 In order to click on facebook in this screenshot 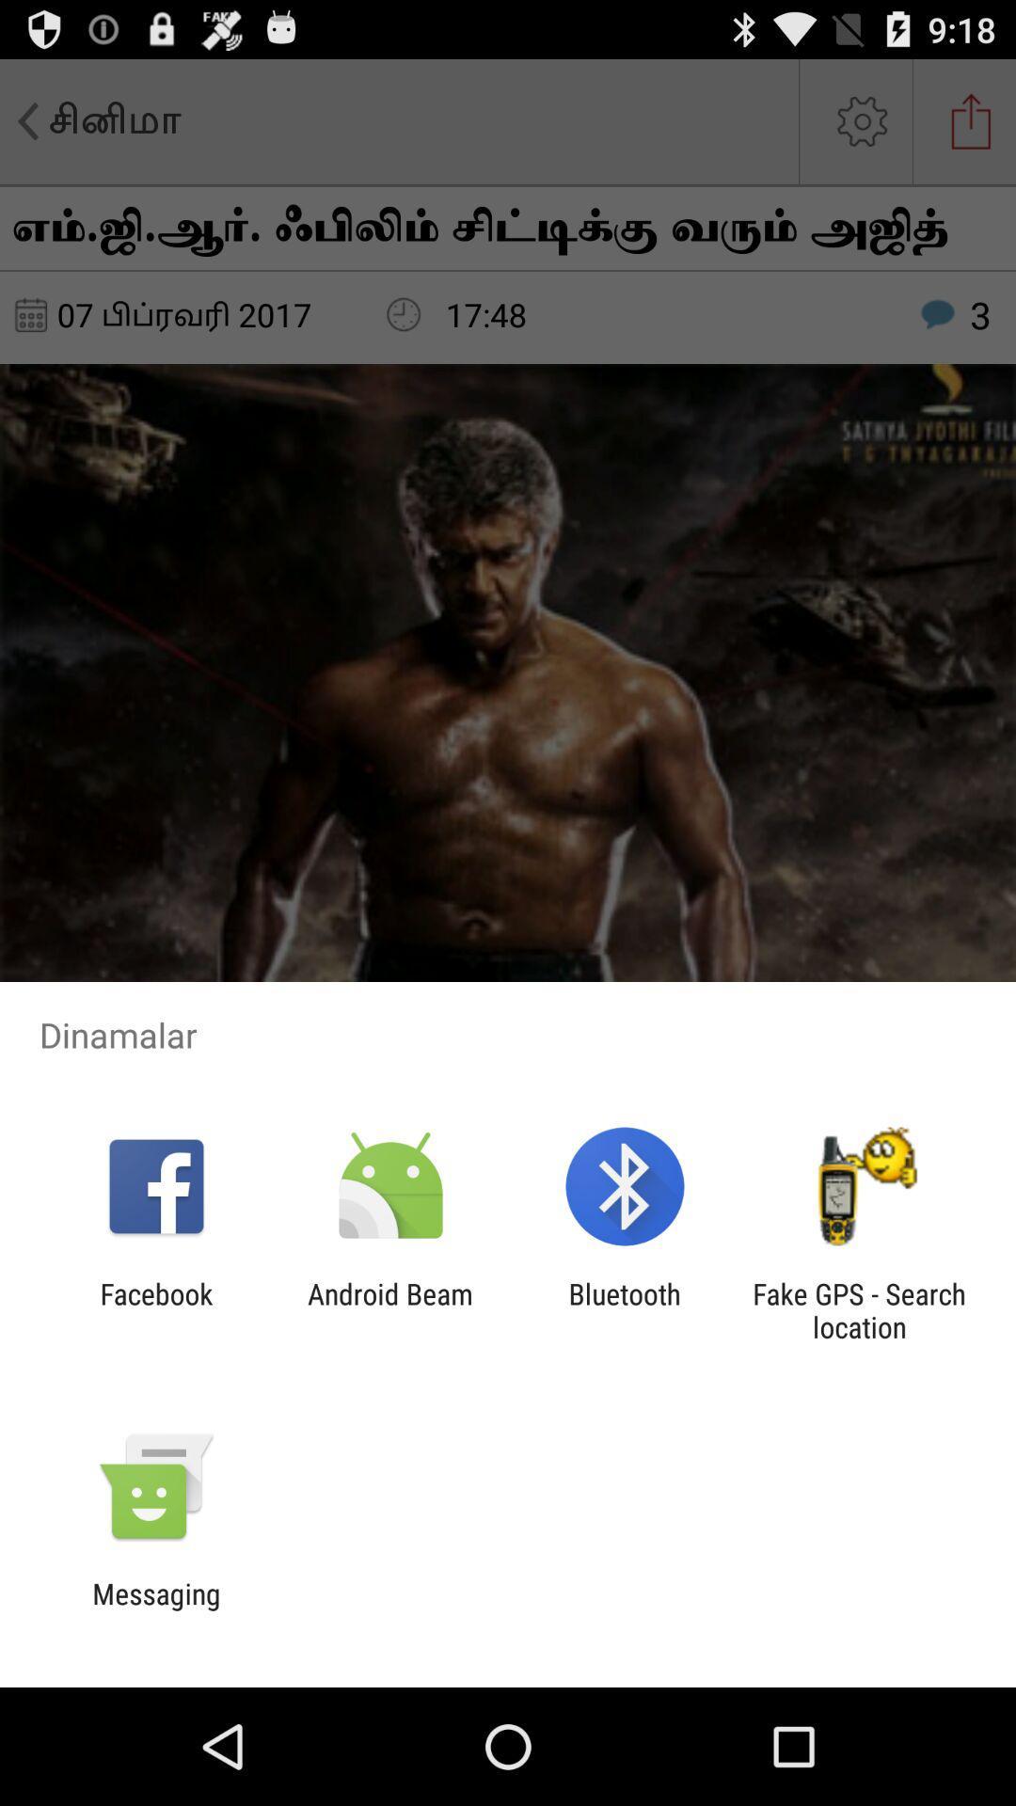, I will do `click(155, 1309)`.